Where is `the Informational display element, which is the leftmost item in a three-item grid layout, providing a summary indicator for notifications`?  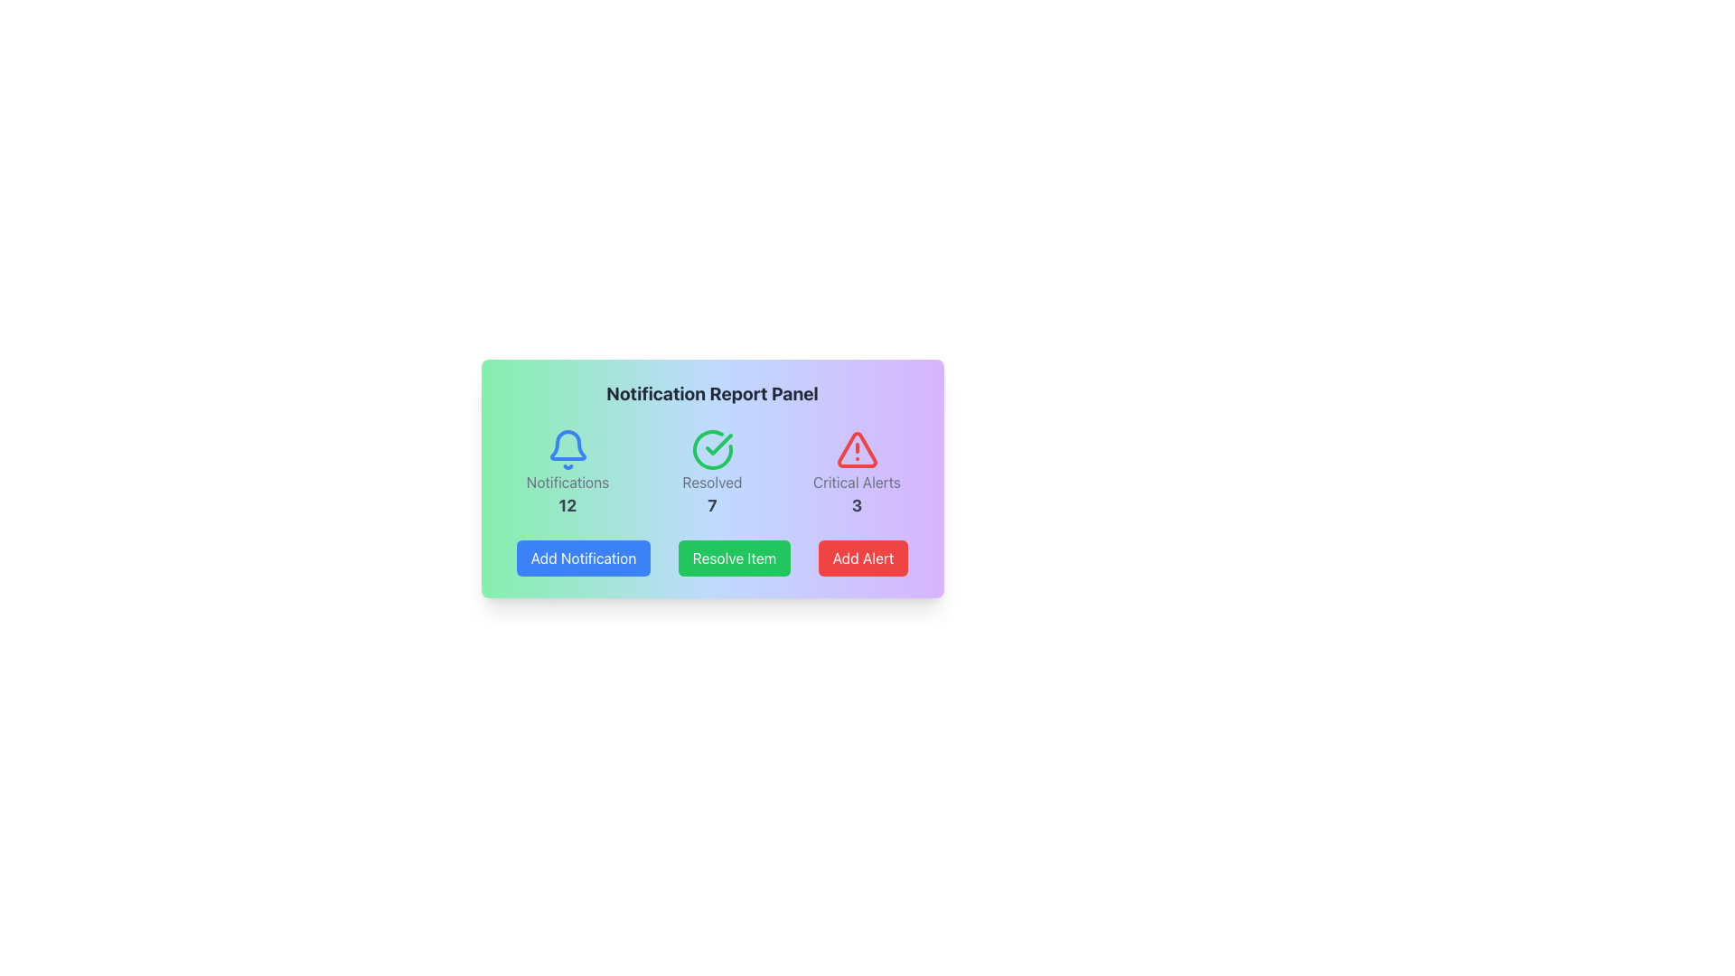
the Informational display element, which is the leftmost item in a three-item grid layout, providing a summary indicator for notifications is located at coordinates (567, 473).